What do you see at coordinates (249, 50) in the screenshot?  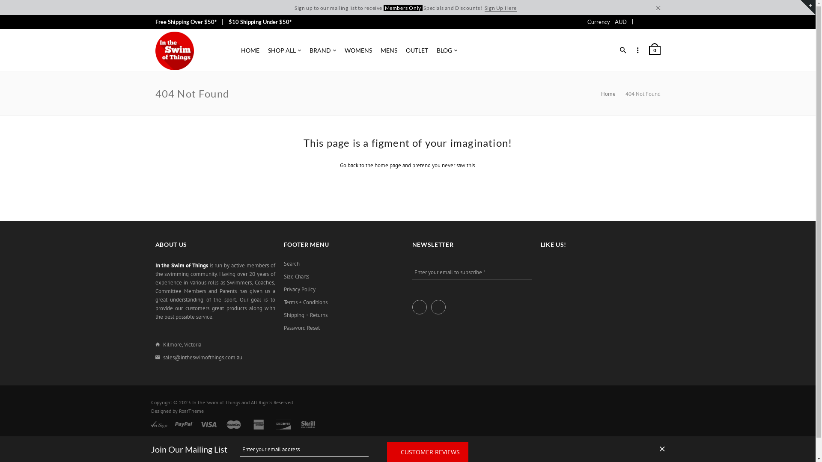 I see `'HOME'` at bounding box center [249, 50].